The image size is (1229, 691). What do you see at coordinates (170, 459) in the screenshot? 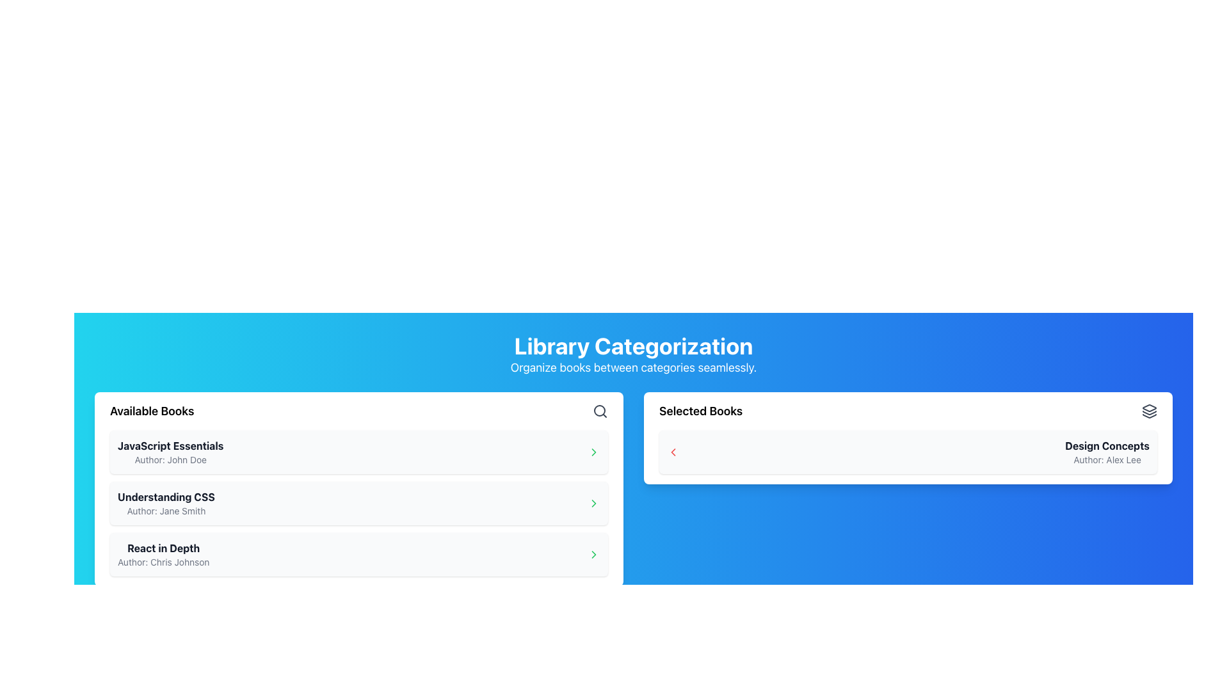
I see `the text label reading 'Author: John Doe' located below the title 'JavaScript Essentials' in the 'Available Books' section` at bounding box center [170, 459].